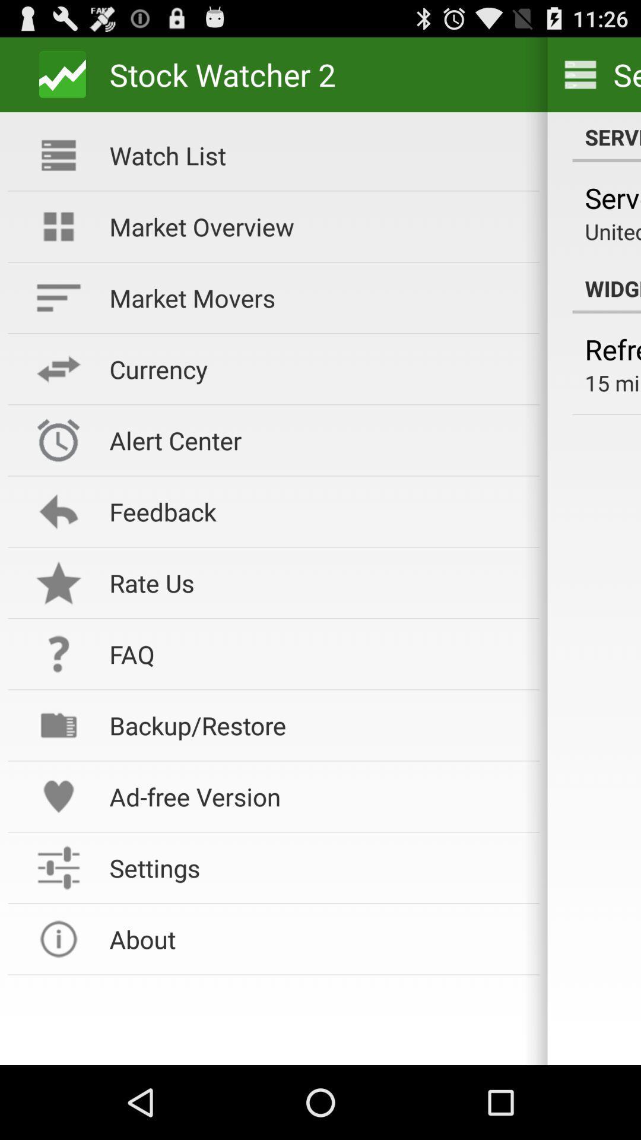 The image size is (641, 1140). What do you see at coordinates (607, 288) in the screenshot?
I see `the app above refresh rate icon` at bounding box center [607, 288].